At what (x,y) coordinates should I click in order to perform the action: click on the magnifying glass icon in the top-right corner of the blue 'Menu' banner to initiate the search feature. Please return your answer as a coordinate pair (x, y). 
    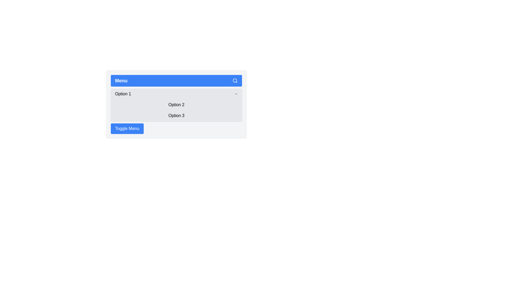
    Looking at the image, I should click on (235, 81).